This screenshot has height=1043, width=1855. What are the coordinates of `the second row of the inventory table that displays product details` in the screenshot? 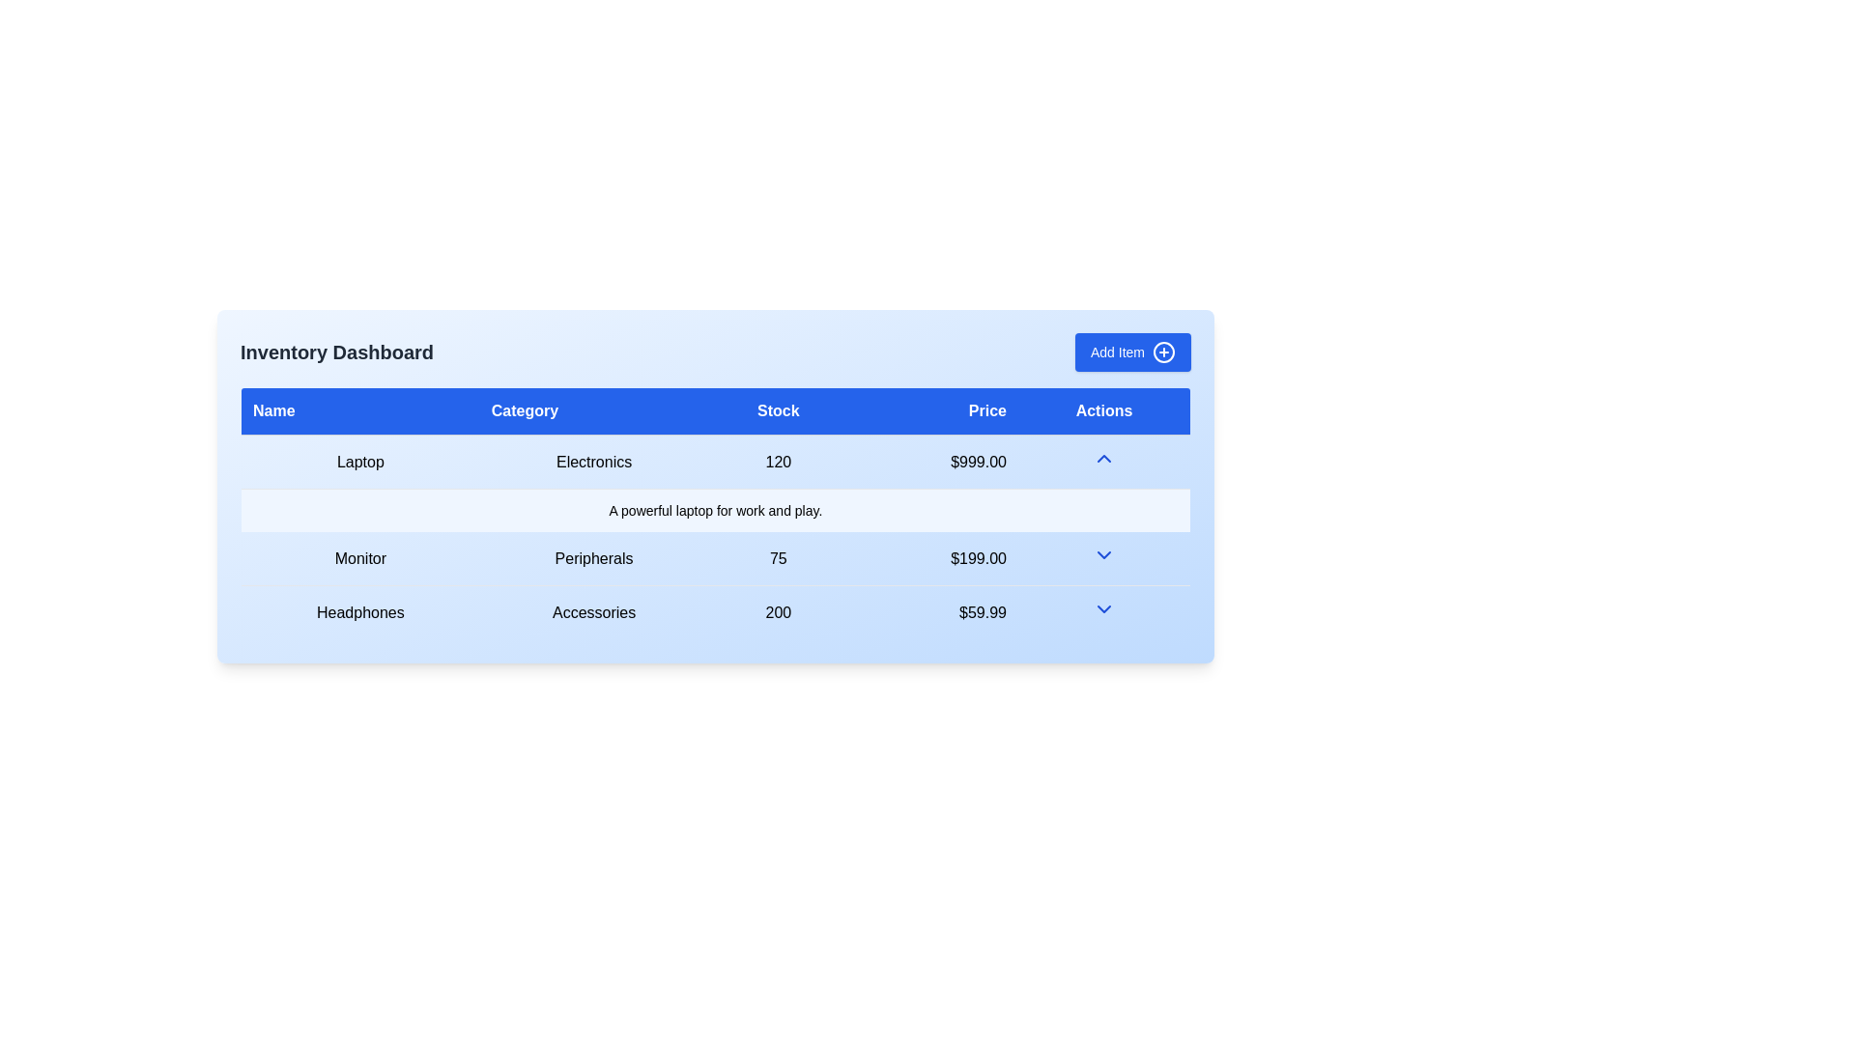 It's located at (714, 558).